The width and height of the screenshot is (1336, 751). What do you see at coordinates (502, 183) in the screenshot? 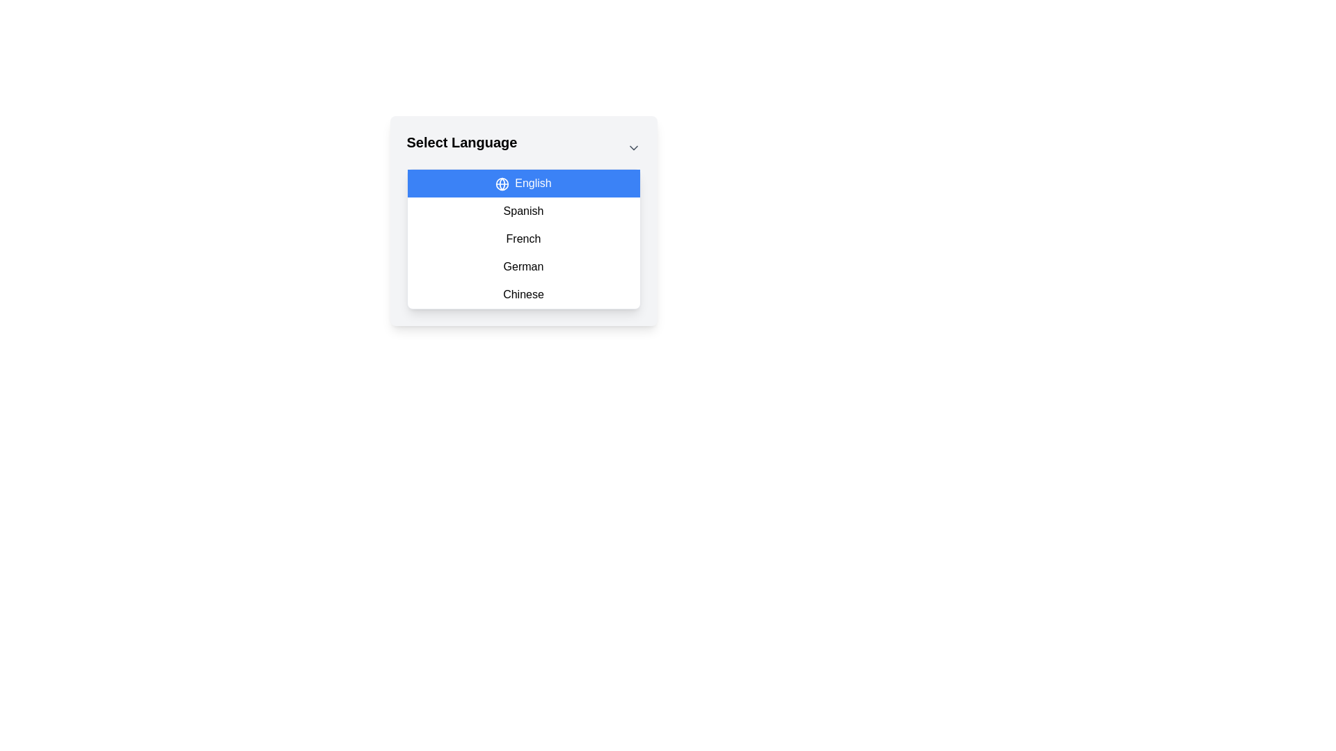
I see `the circular outline of the globe icon located in the SVG graphic within the drop-down menu, positioned to the left of the text 'English'` at bounding box center [502, 183].